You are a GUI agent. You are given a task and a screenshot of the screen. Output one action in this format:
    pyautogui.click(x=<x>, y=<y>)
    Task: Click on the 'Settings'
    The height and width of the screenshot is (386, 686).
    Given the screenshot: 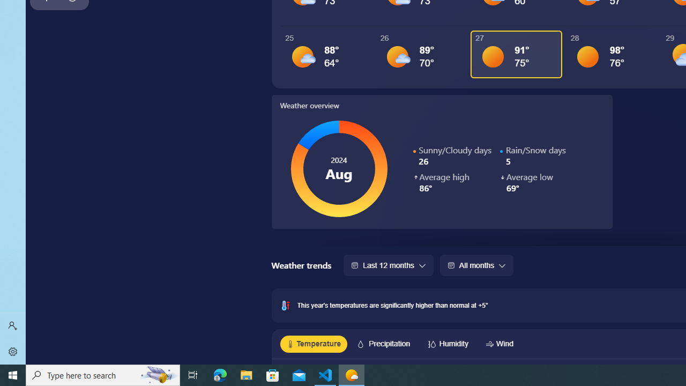 What is the action you would take?
    pyautogui.click(x=13, y=351)
    